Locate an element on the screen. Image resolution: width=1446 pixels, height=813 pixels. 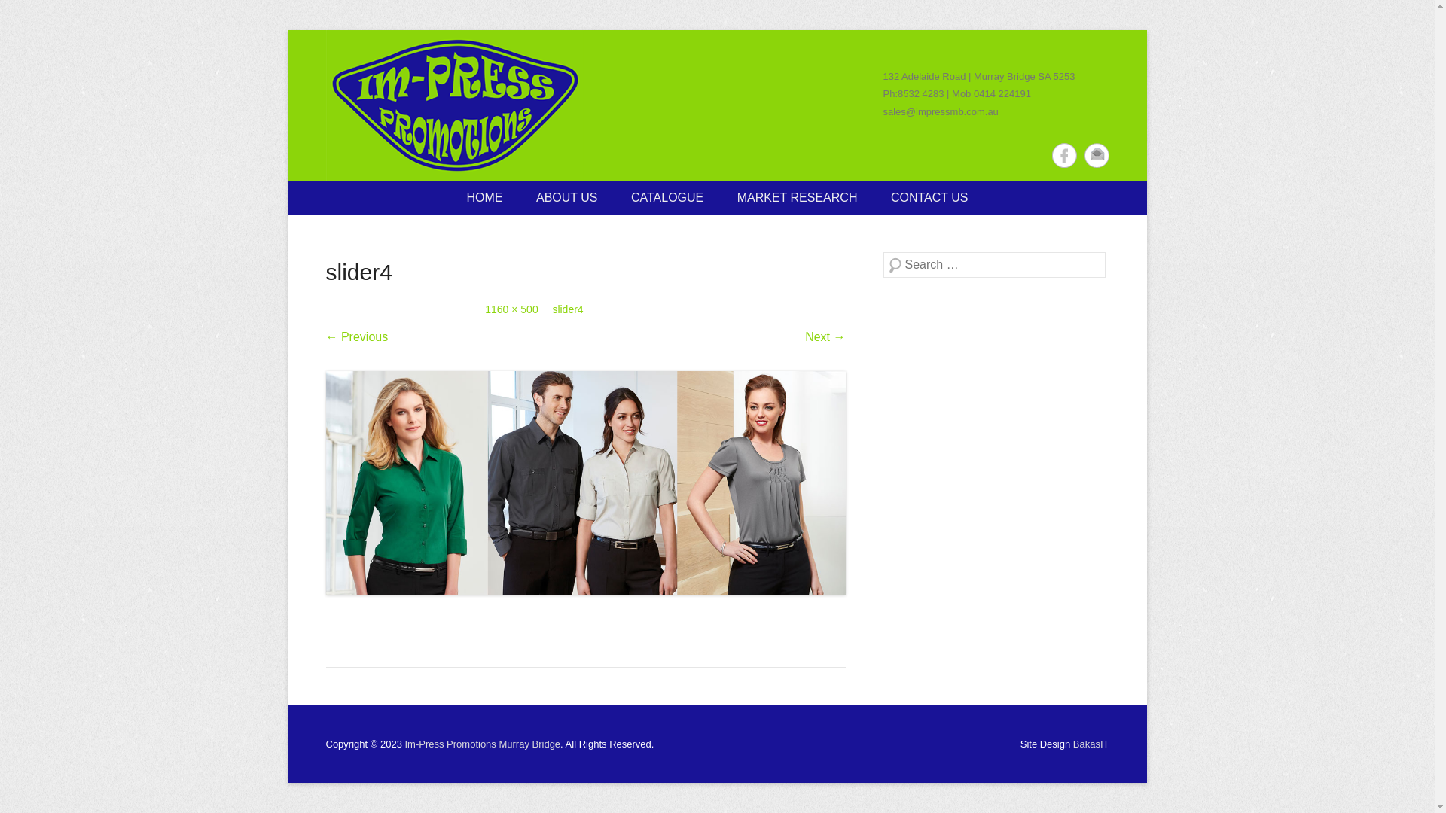
'CATALOGUE' is located at coordinates (667, 196).